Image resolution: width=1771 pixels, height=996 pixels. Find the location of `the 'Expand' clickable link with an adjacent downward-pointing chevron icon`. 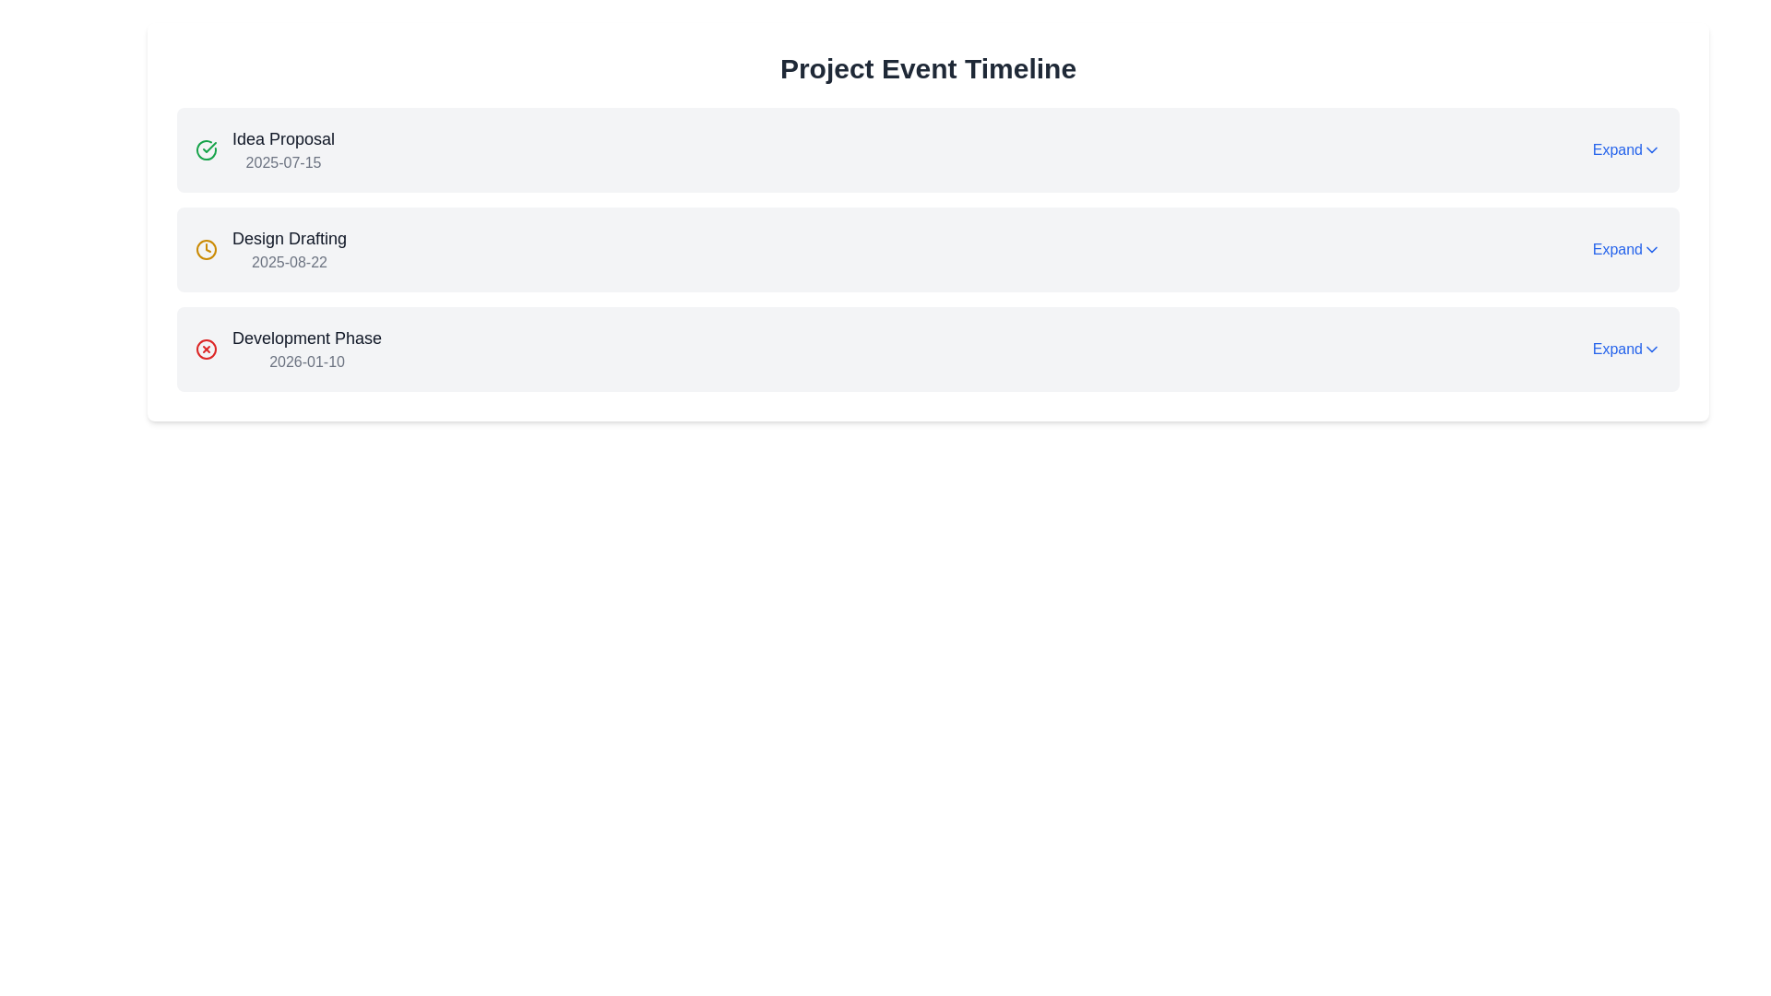

the 'Expand' clickable link with an adjacent downward-pointing chevron icon is located at coordinates (1626, 249).